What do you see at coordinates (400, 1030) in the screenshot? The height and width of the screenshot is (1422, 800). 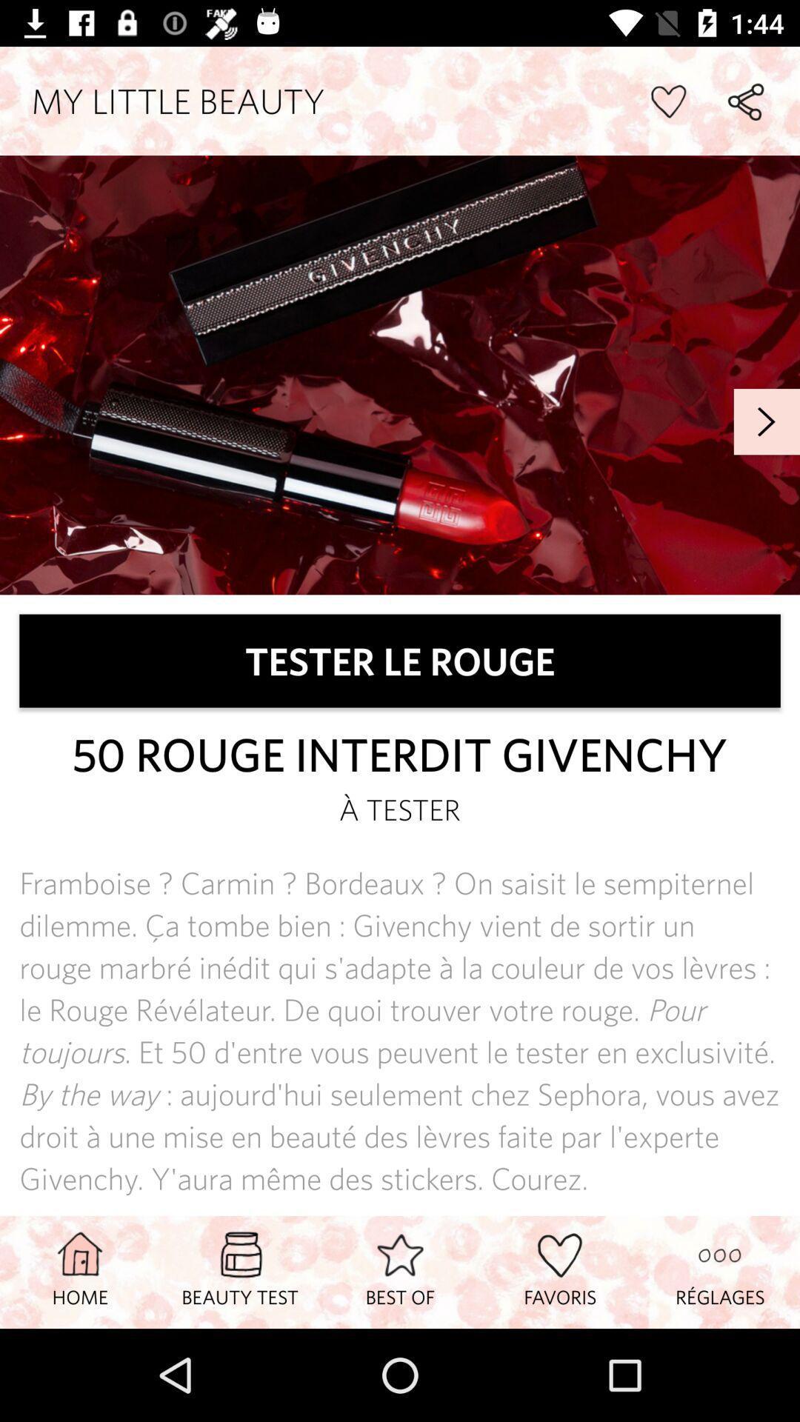 I see `the framboise carmin bordeaux item` at bounding box center [400, 1030].